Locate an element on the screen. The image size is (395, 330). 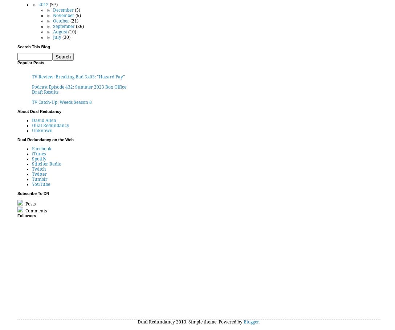
'October' is located at coordinates (61, 21).